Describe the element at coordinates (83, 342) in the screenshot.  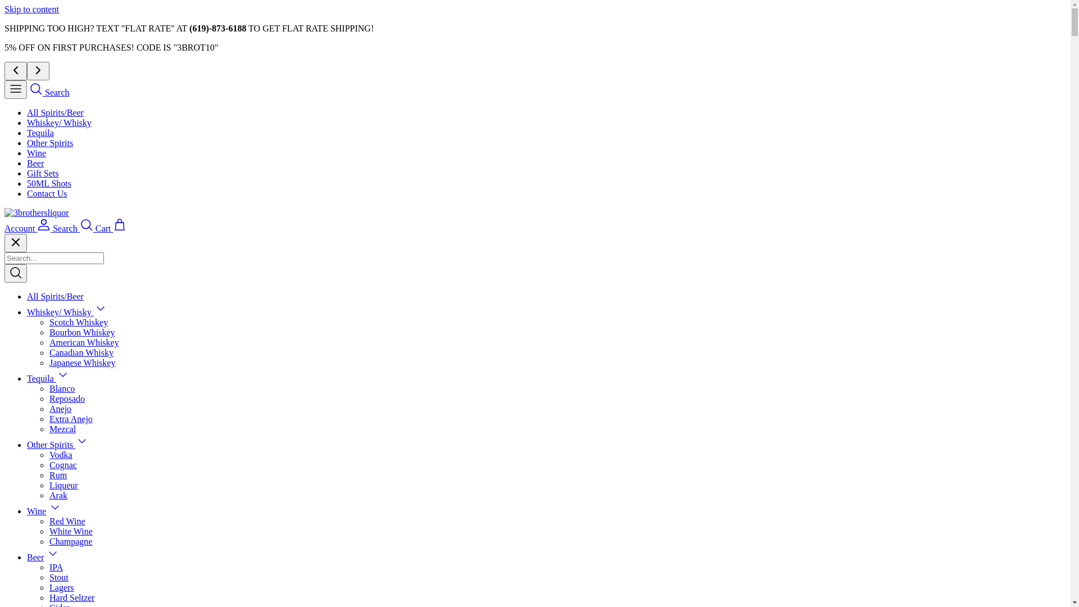
I see `'American Whiskey'` at that location.